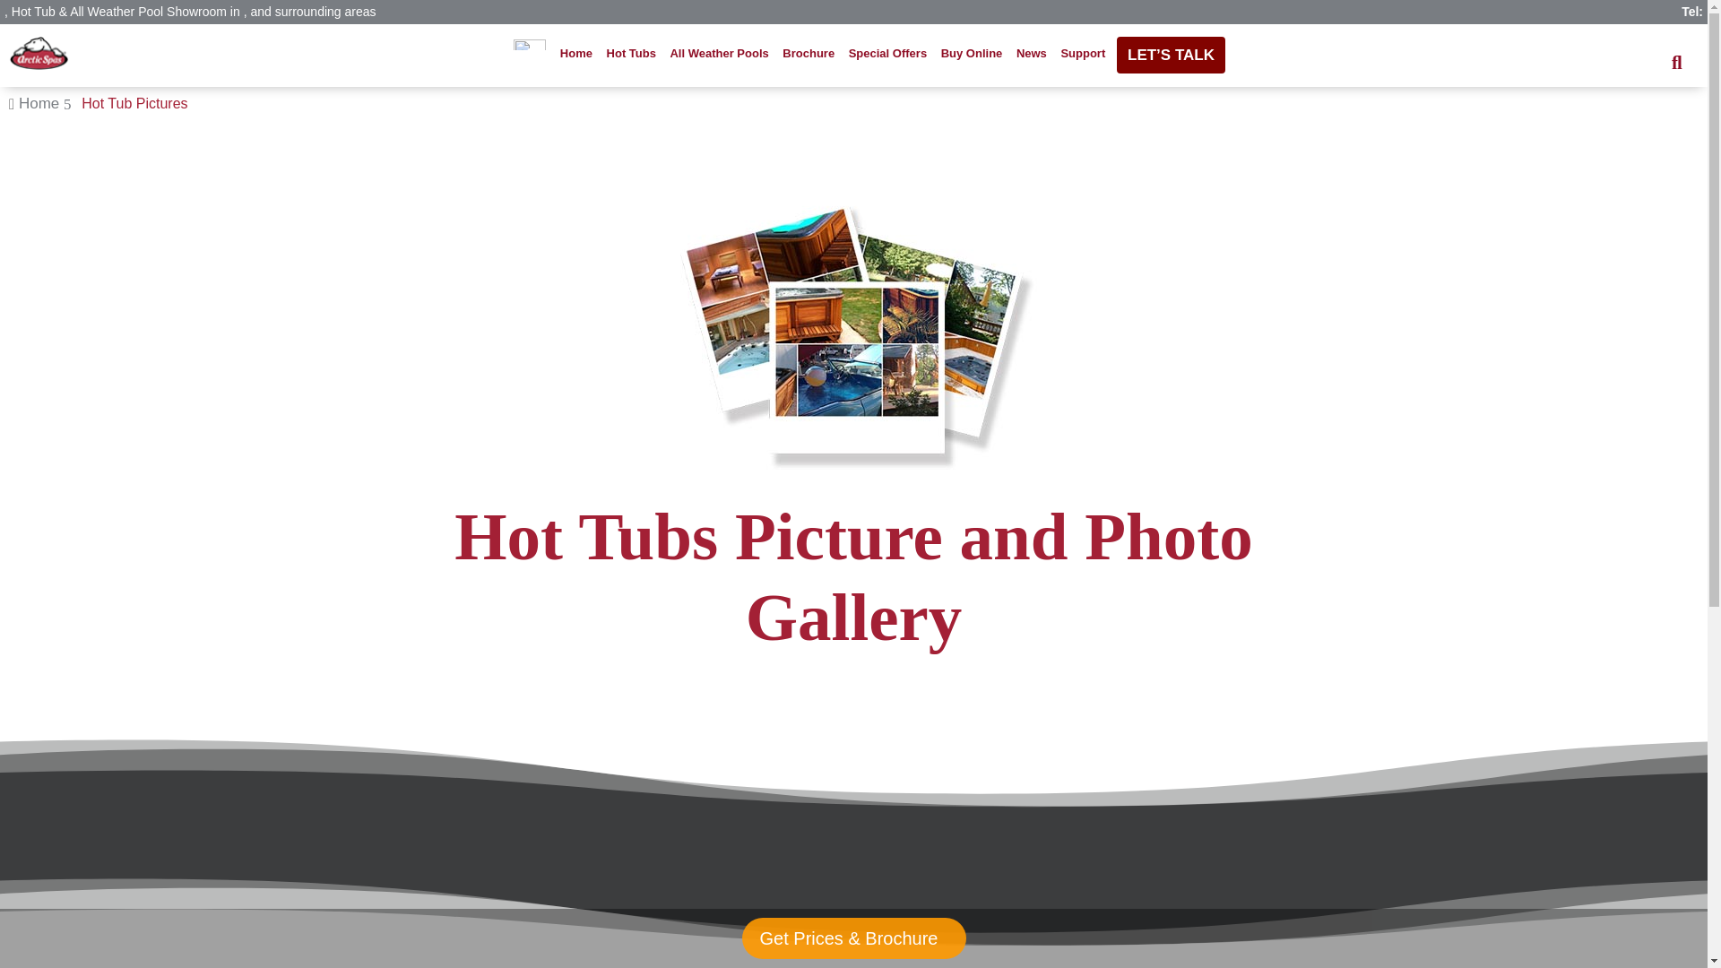 The height and width of the screenshot is (968, 1721). I want to click on 'News', so click(1032, 52).